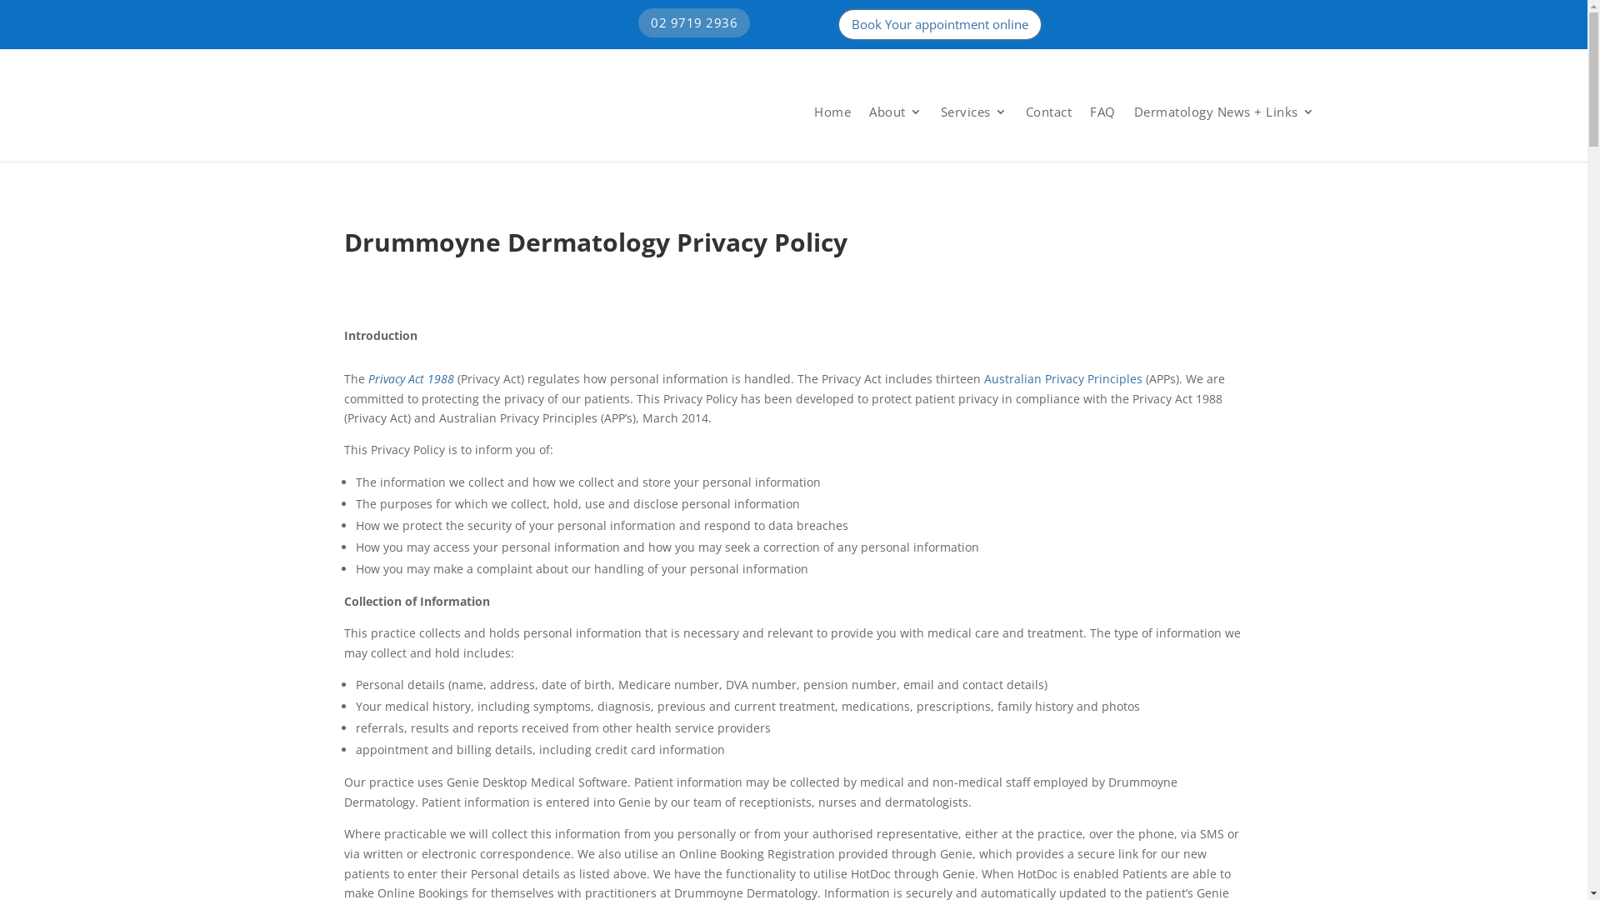  What do you see at coordinates (1223, 112) in the screenshot?
I see `'Dermatology News + Links'` at bounding box center [1223, 112].